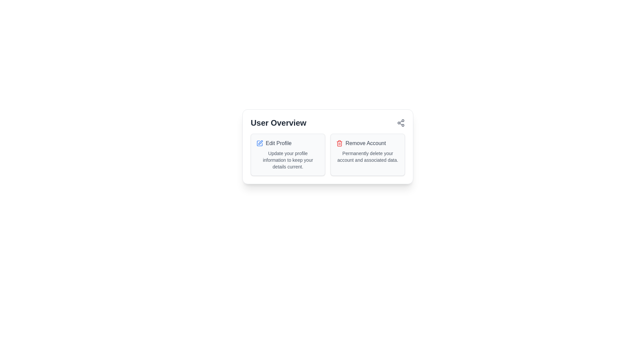 This screenshot has height=361, width=641. What do you see at coordinates (278, 143) in the screenshot?
I see `the 'Edit Profile' text label located within the 'User Overview' section, which describes the associated action but is not interactive` at bounding box center [278, 143].